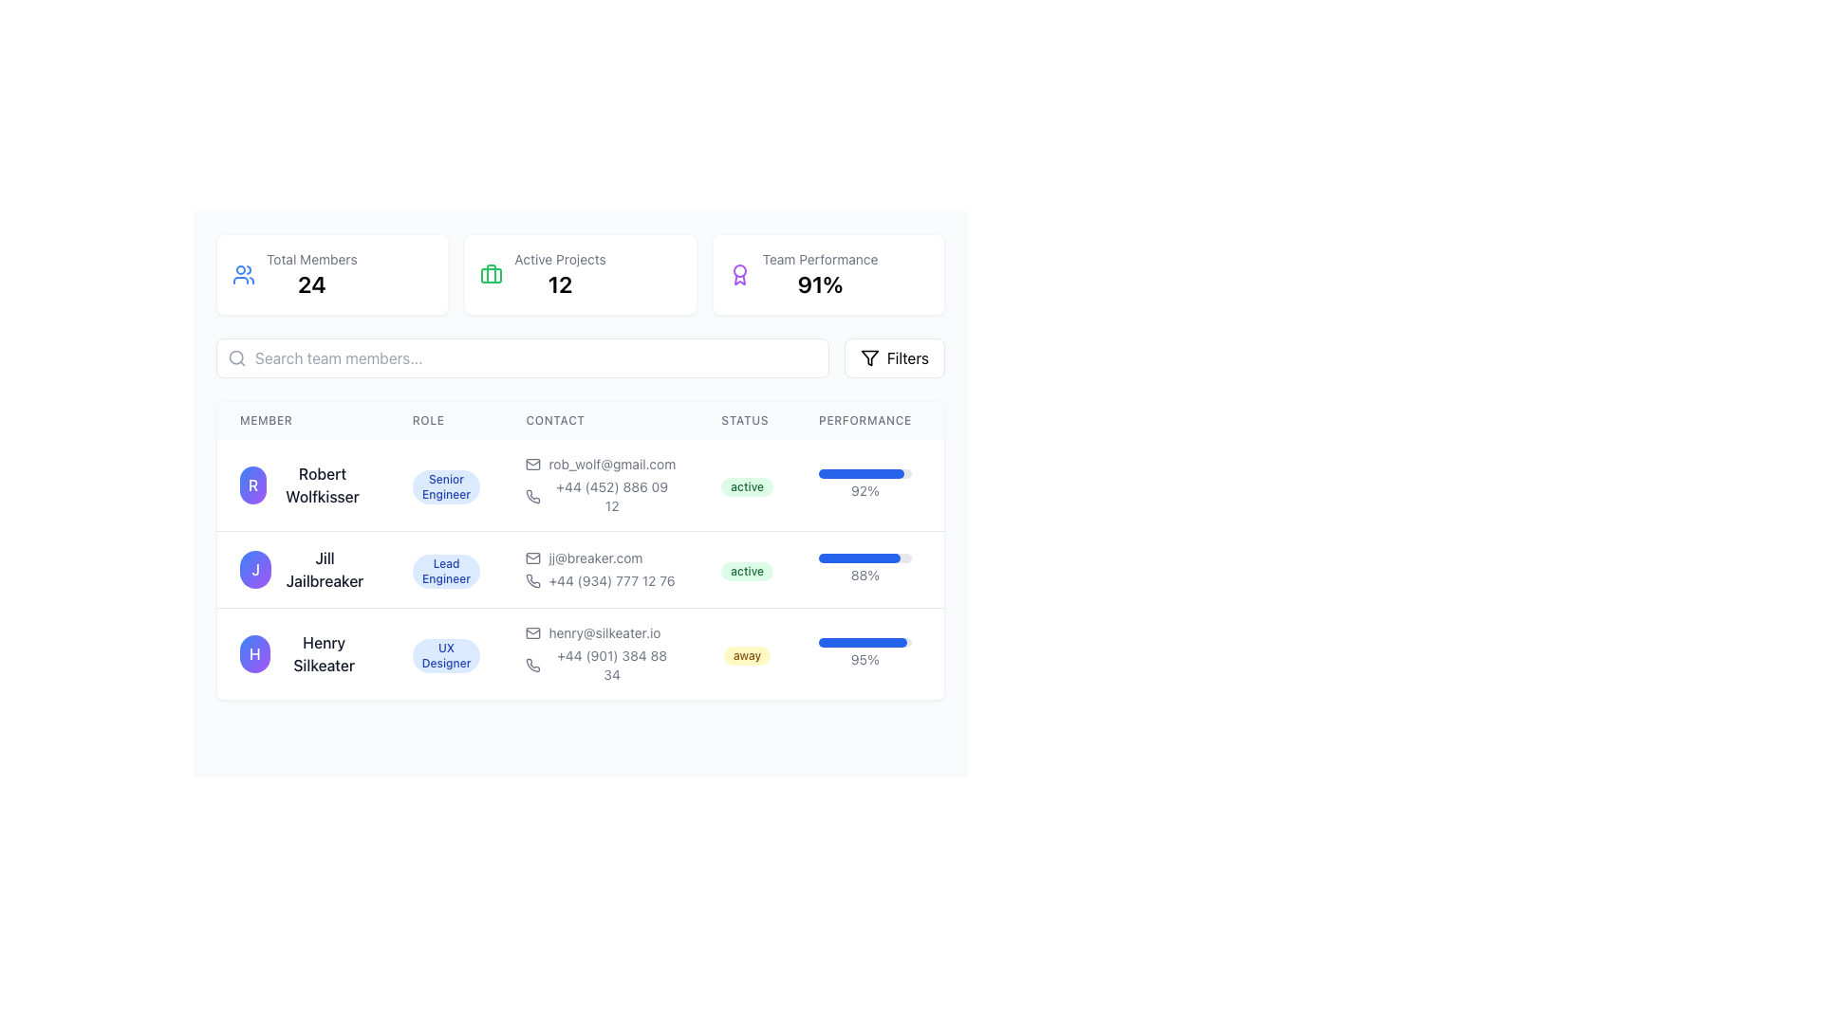  What do you see at coordinates (868, 358) in the screenshot?
I see `the filtering icon located within the 'Filters' button, which is positioned on the right side of the search bar at the top of the interface` at bounding box center [868, 358].